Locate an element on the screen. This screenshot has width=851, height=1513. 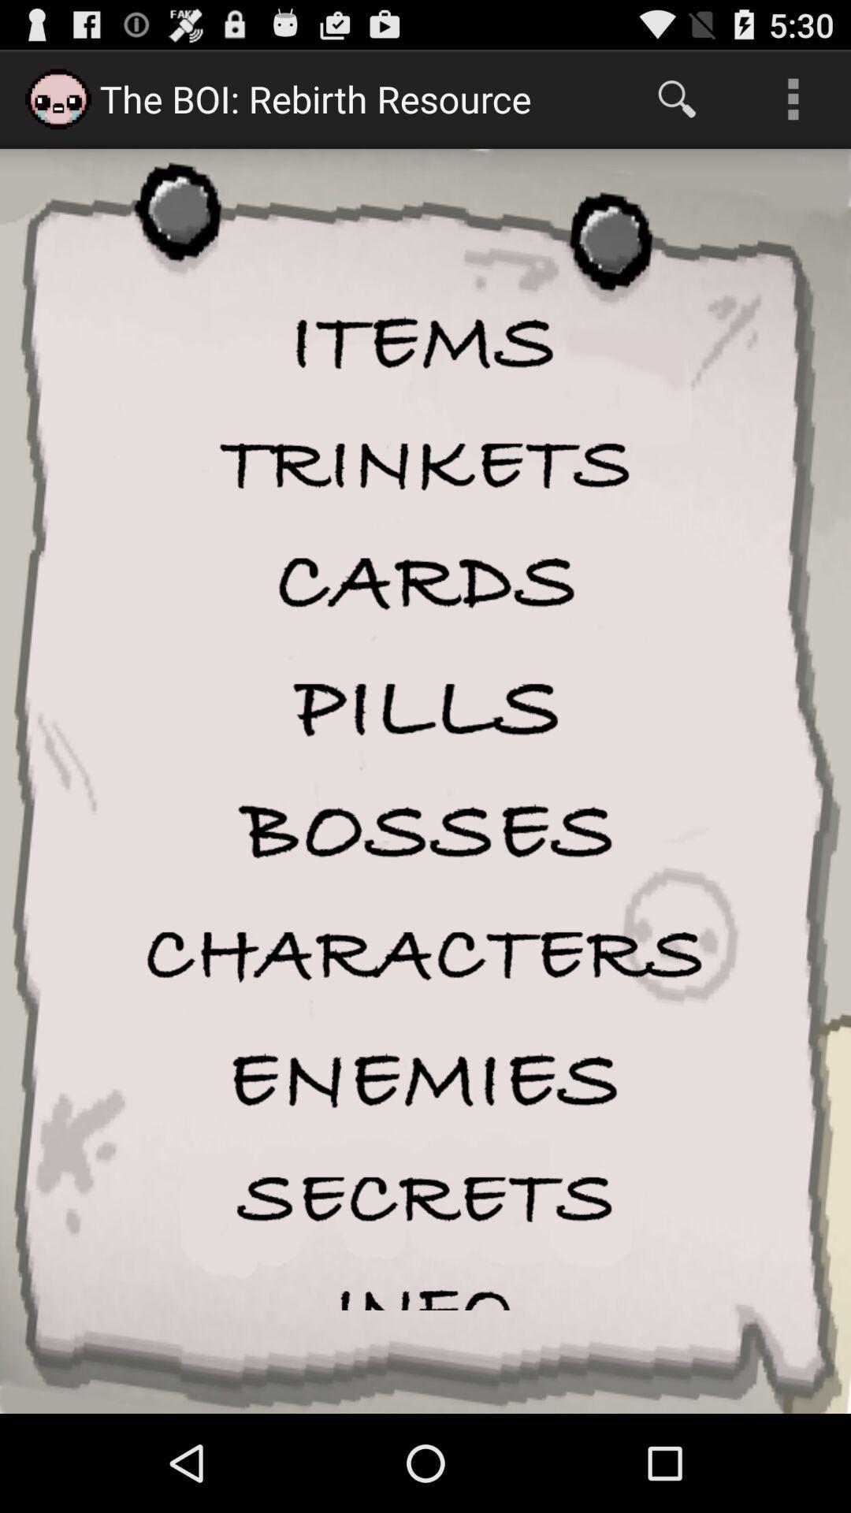
items is located at coordinates (425, 344).